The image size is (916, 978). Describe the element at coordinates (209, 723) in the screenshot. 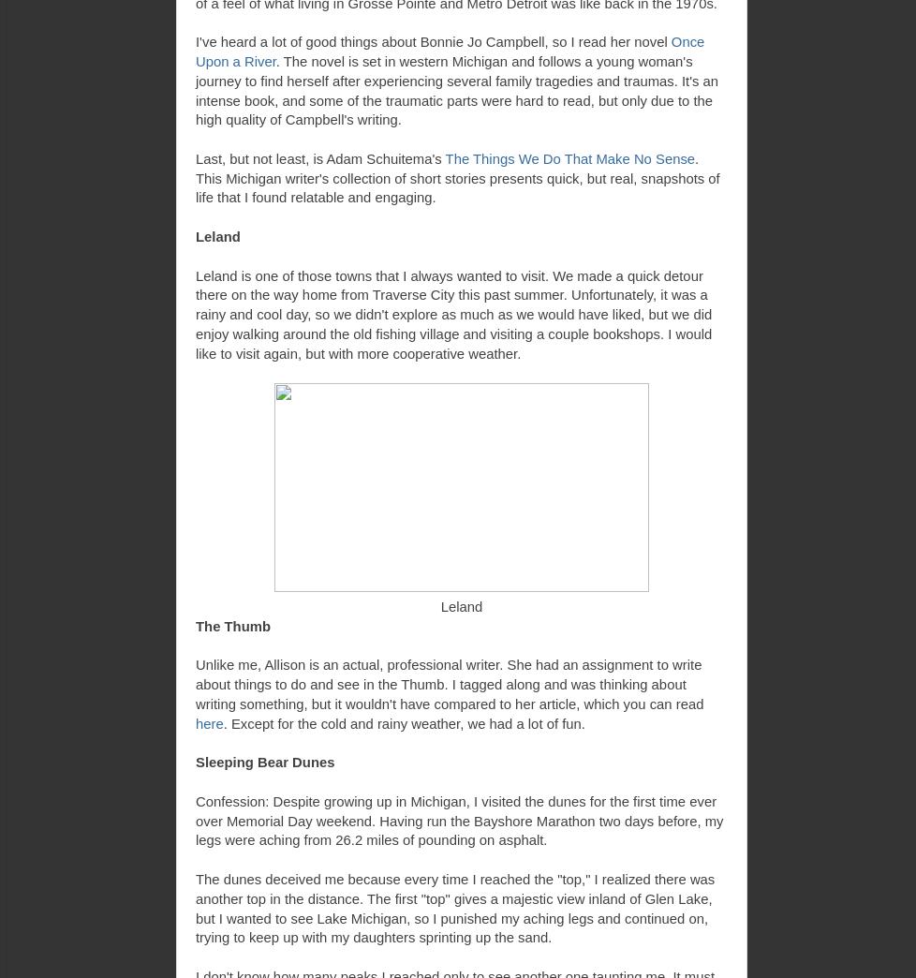

I see `'here'` at that location.